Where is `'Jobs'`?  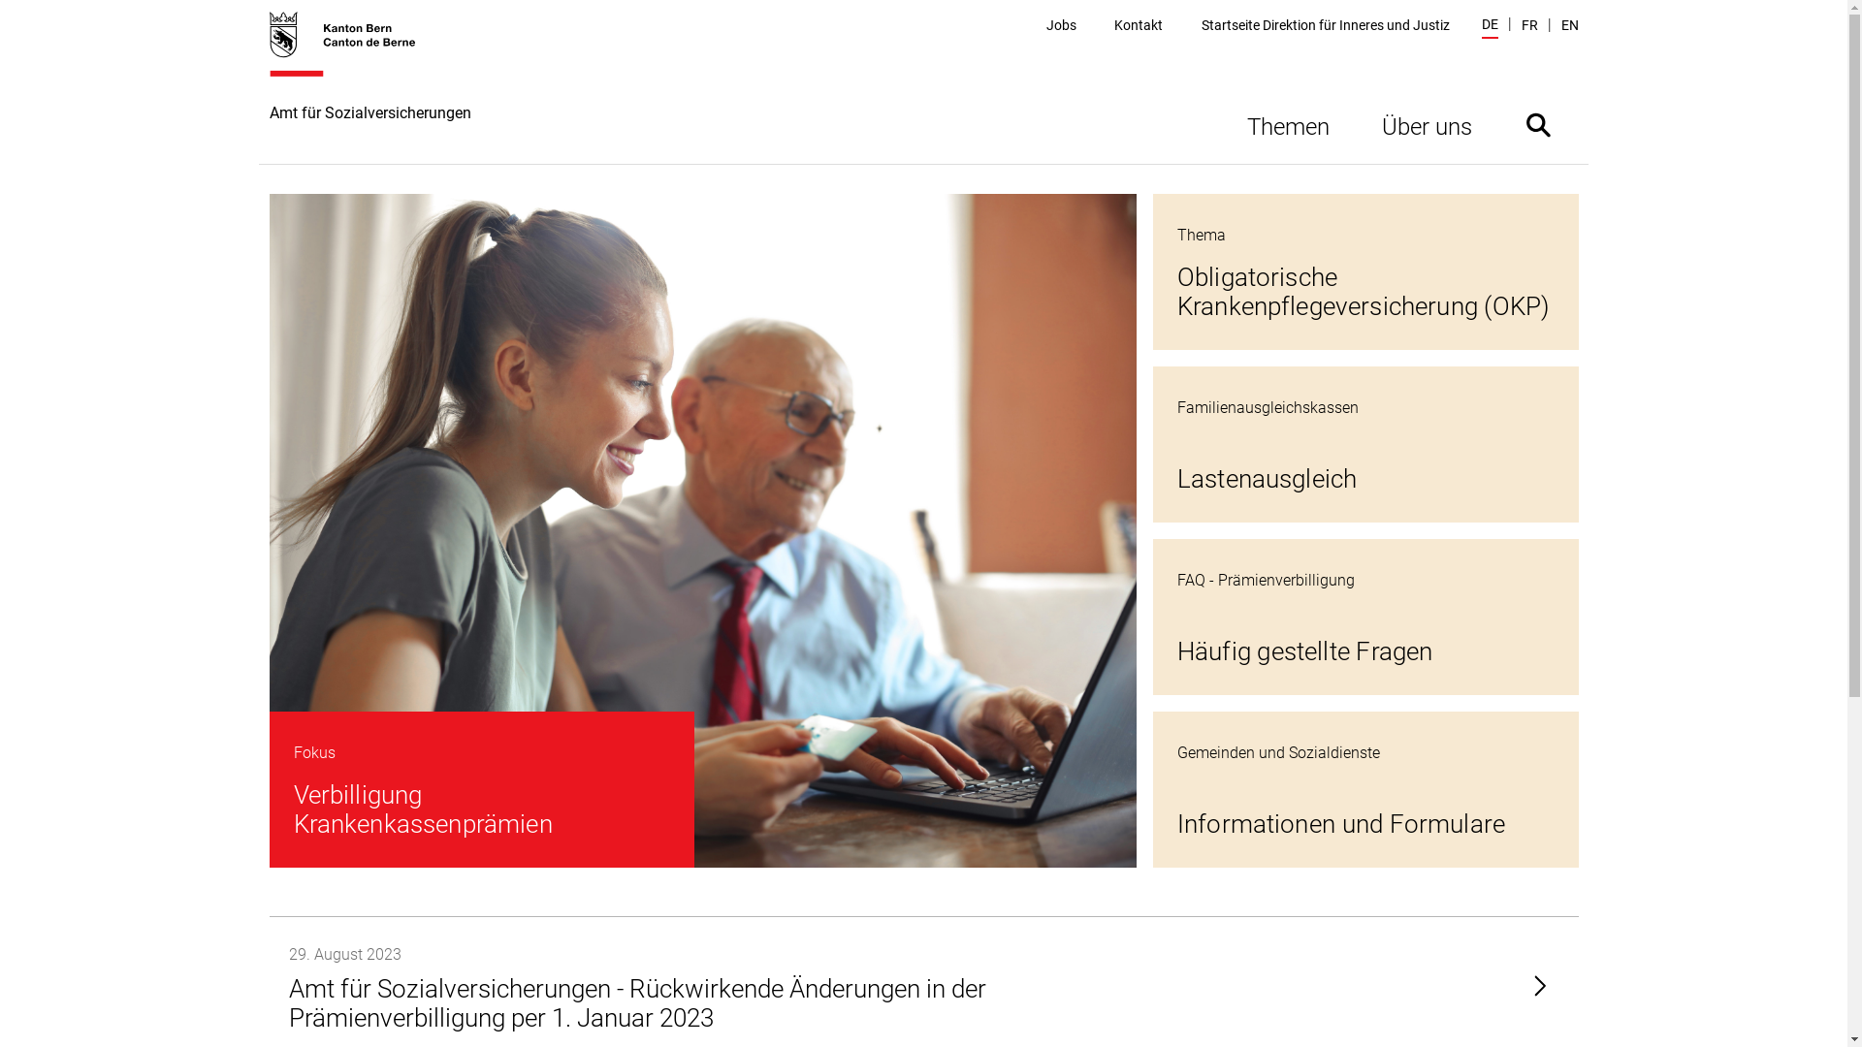
'Jobs' is located at coordinates (1060, 25).